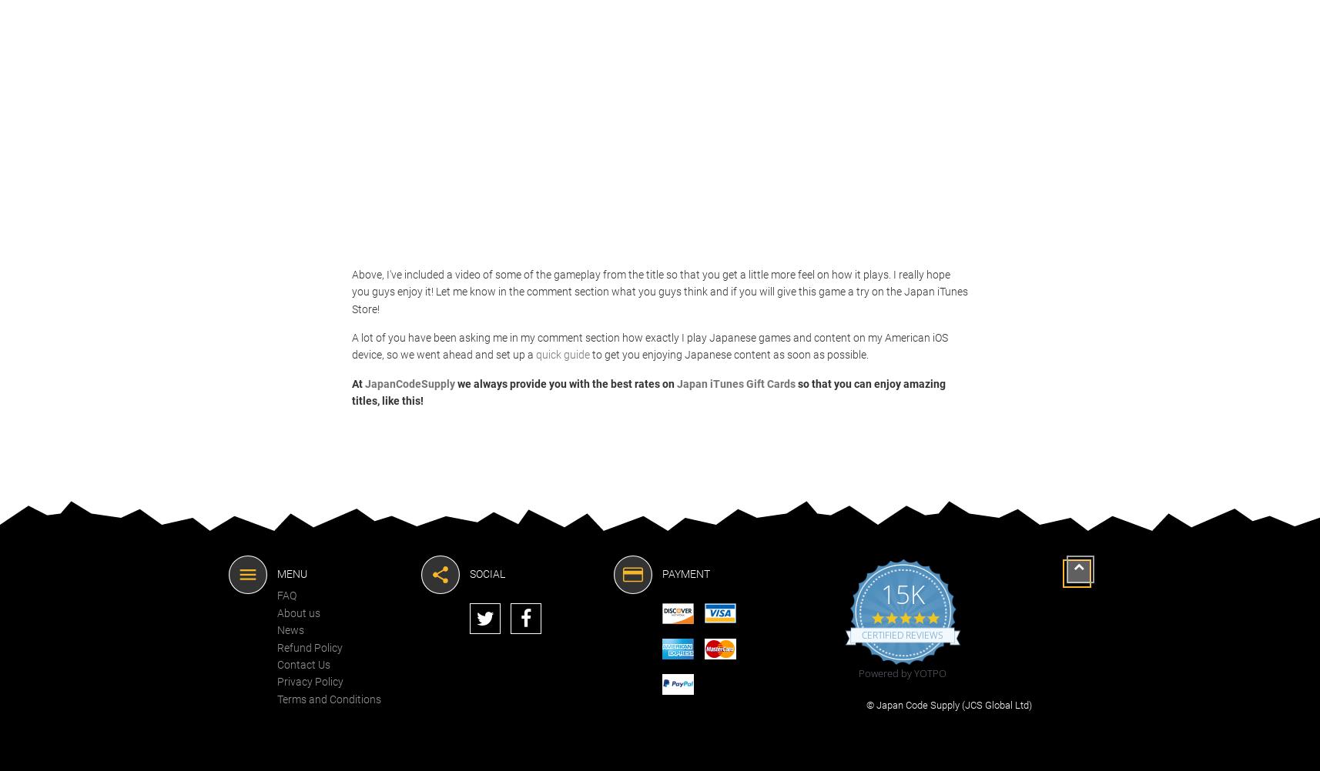  What do you see at coordinates (660, 291) in the screenshot?
I see `'Above, I've included a video of some of the gameplay from the title so that you get a little more feel on how it plays. I really hope you guys enjoy it! Let me know in the comment section what you guys think and if you will give this game a try on the Japan iTunes Store!'` at bounding box center [660, 291].